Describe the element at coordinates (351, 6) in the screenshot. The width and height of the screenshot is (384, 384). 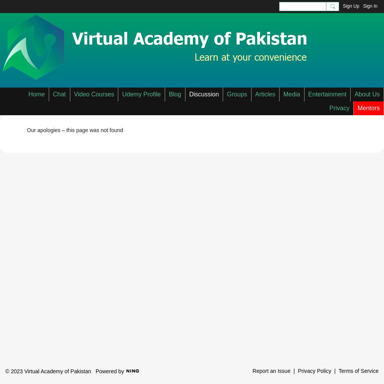
I see `'Sign Up'` at that location.